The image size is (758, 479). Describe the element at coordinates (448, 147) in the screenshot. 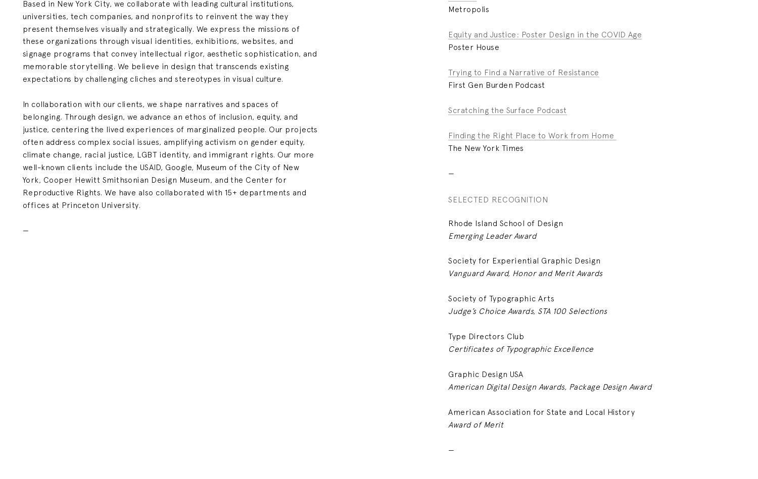

I see `'The New York Times'` at that location.